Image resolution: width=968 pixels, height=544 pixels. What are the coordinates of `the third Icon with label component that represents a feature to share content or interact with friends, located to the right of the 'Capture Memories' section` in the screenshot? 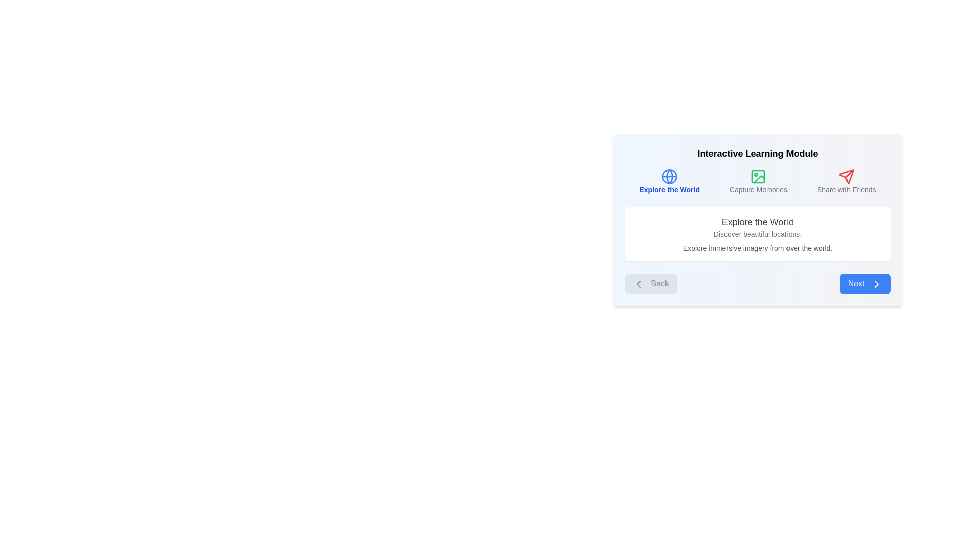 It's located at (846, 182).